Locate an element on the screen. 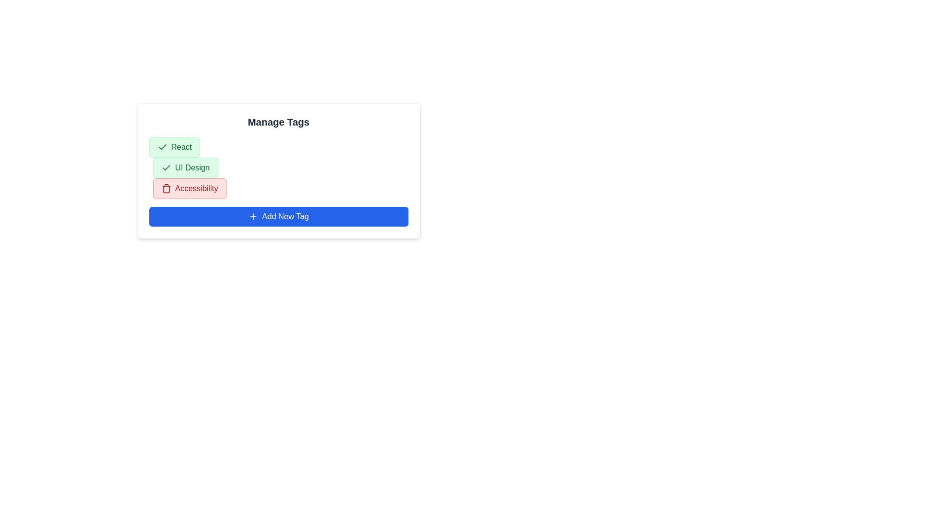 This screenshot has height=532, width=946. the small green check icon that is part of the 'React' tag in the vertical list of tags is located at coordinates (162, 147).